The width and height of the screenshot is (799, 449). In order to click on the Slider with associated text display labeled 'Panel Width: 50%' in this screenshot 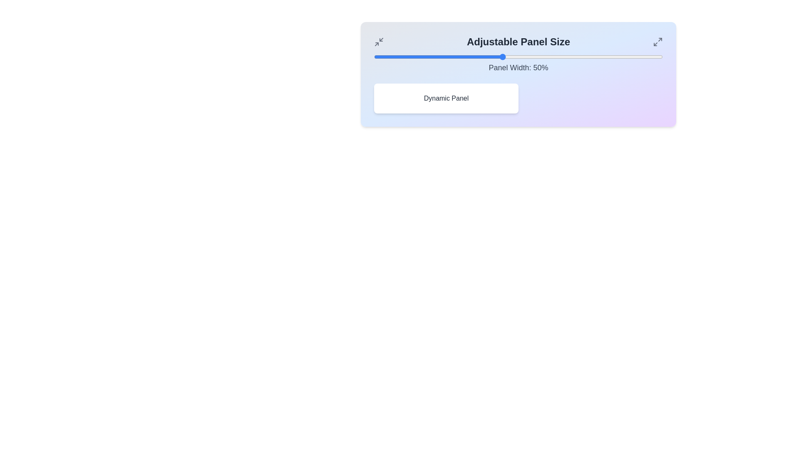, I will do `click(518, 64)`.